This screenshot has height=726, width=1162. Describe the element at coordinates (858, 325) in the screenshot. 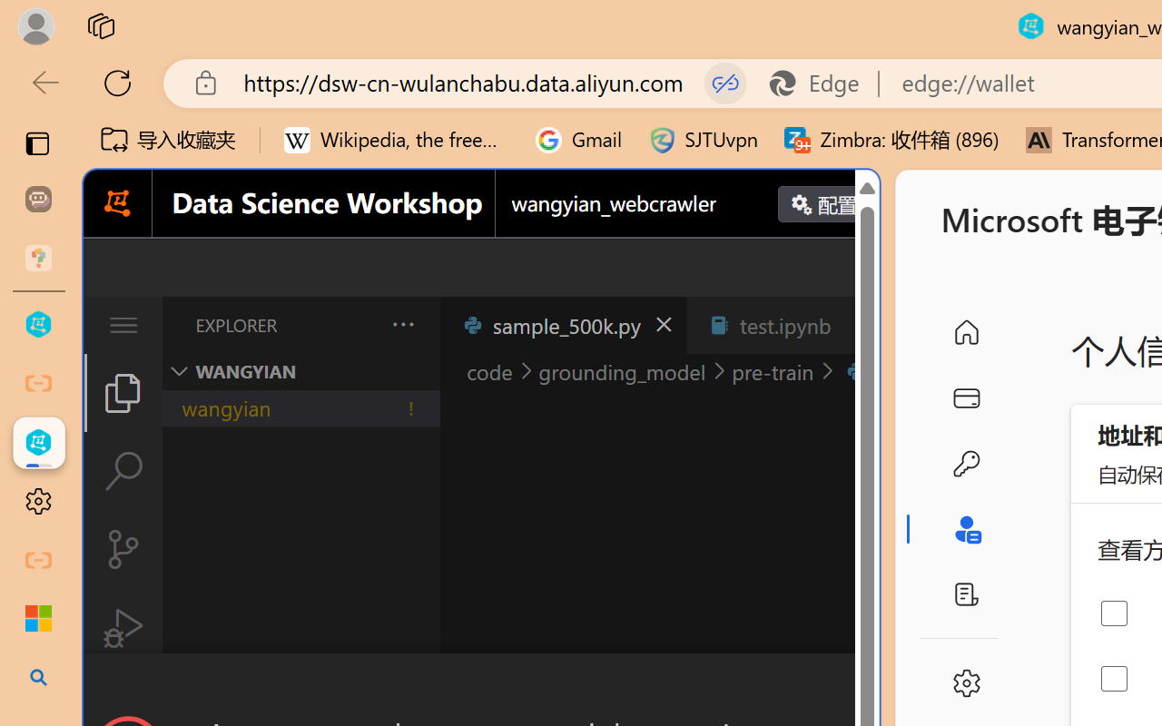

I see `'Close (Ctrl+F4)'` at that location.